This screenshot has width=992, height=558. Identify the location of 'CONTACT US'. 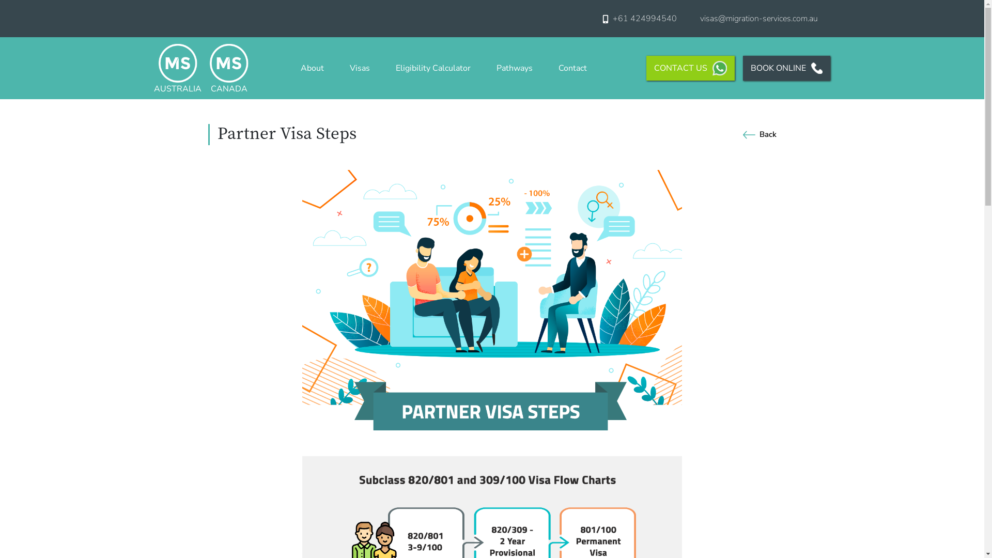
(646, 68).